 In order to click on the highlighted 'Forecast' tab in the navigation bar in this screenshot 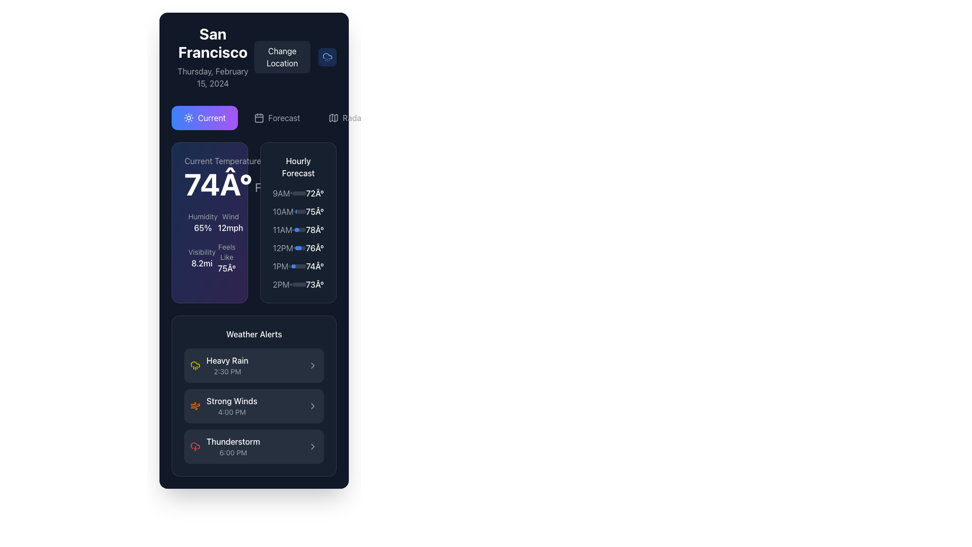, I will do `click(254, 117)`.